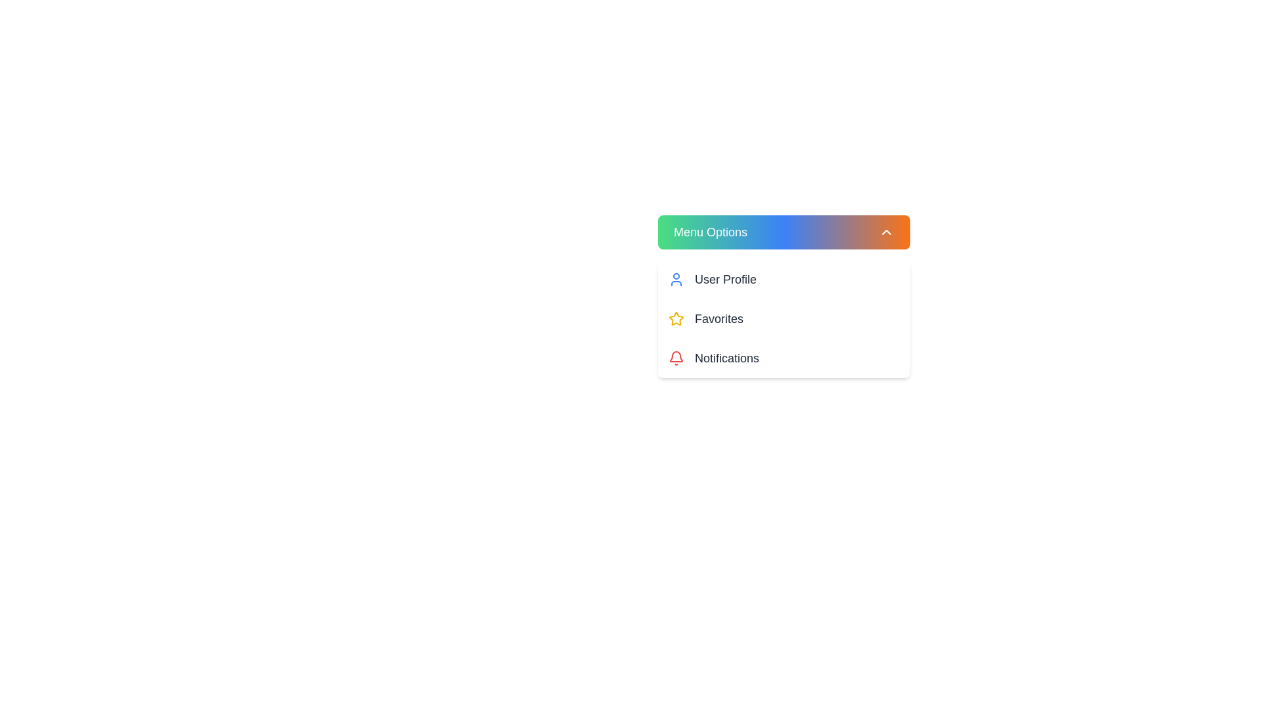  What do you see at coordinates (676, 278) in the screenshot?
I see `the circular user profile icon` at bounding box center [676, 278].